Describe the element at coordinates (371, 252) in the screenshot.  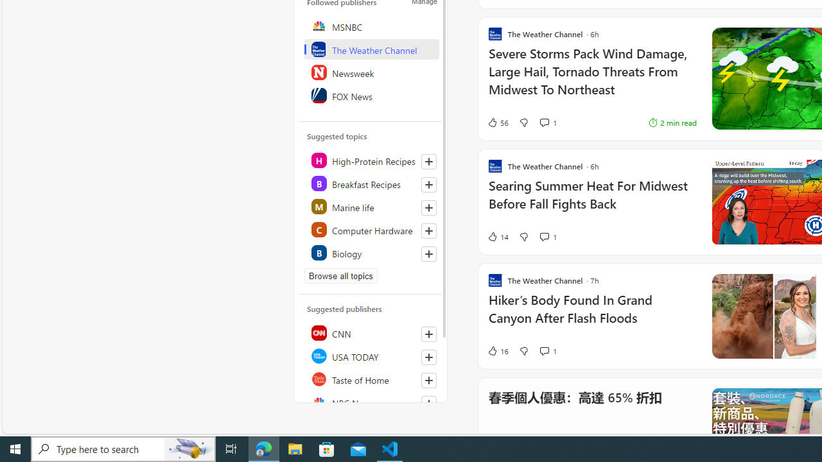
I see `'Class: highlight'` at that location.